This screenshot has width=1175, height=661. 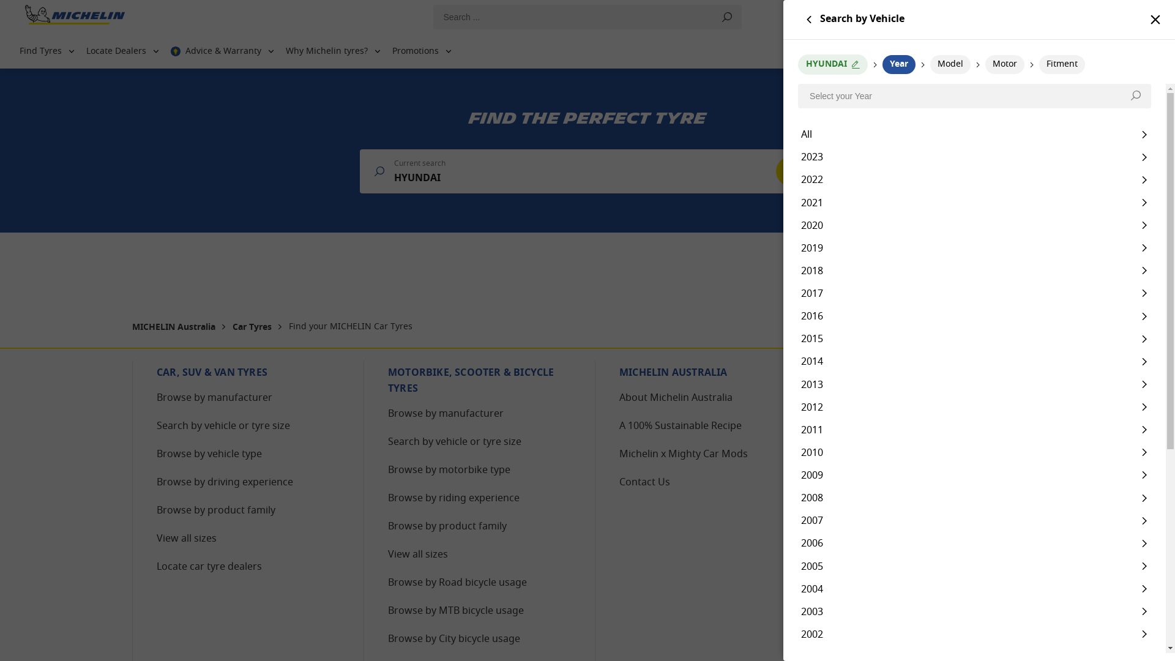 What do you see at coordinates (974, 179) in the screenshot?
I see `'2022'` at bounding box center [974, 179].